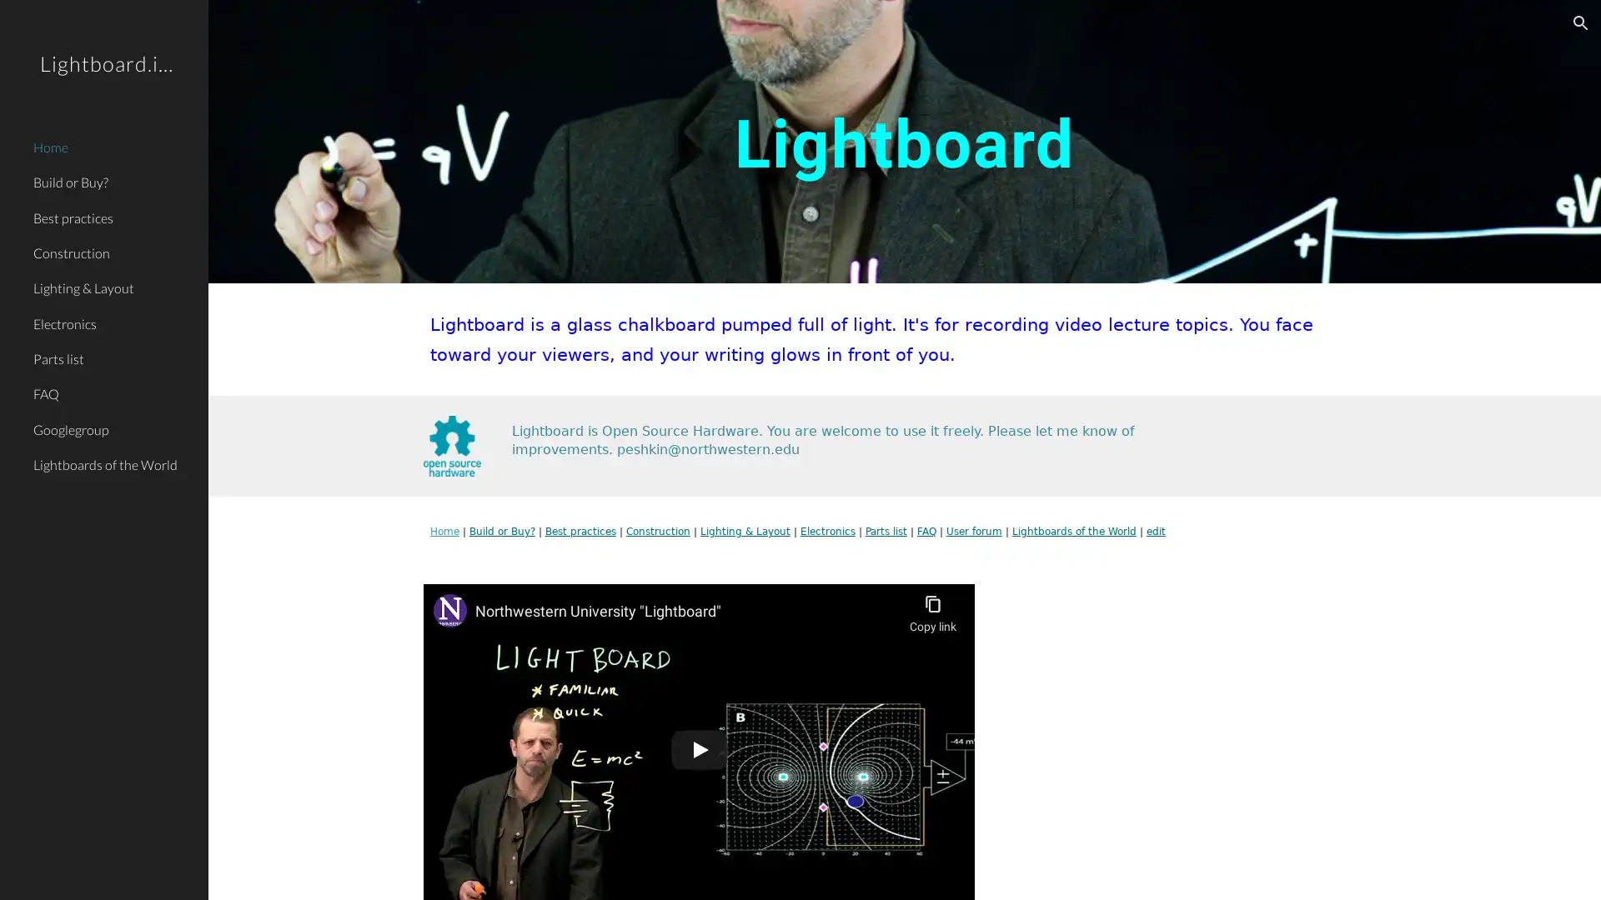 This screenshot has height=900, width=1601. Describe the element at coordinates (950, 31) in the screenshot. I see `Skip to navigation` at that location.